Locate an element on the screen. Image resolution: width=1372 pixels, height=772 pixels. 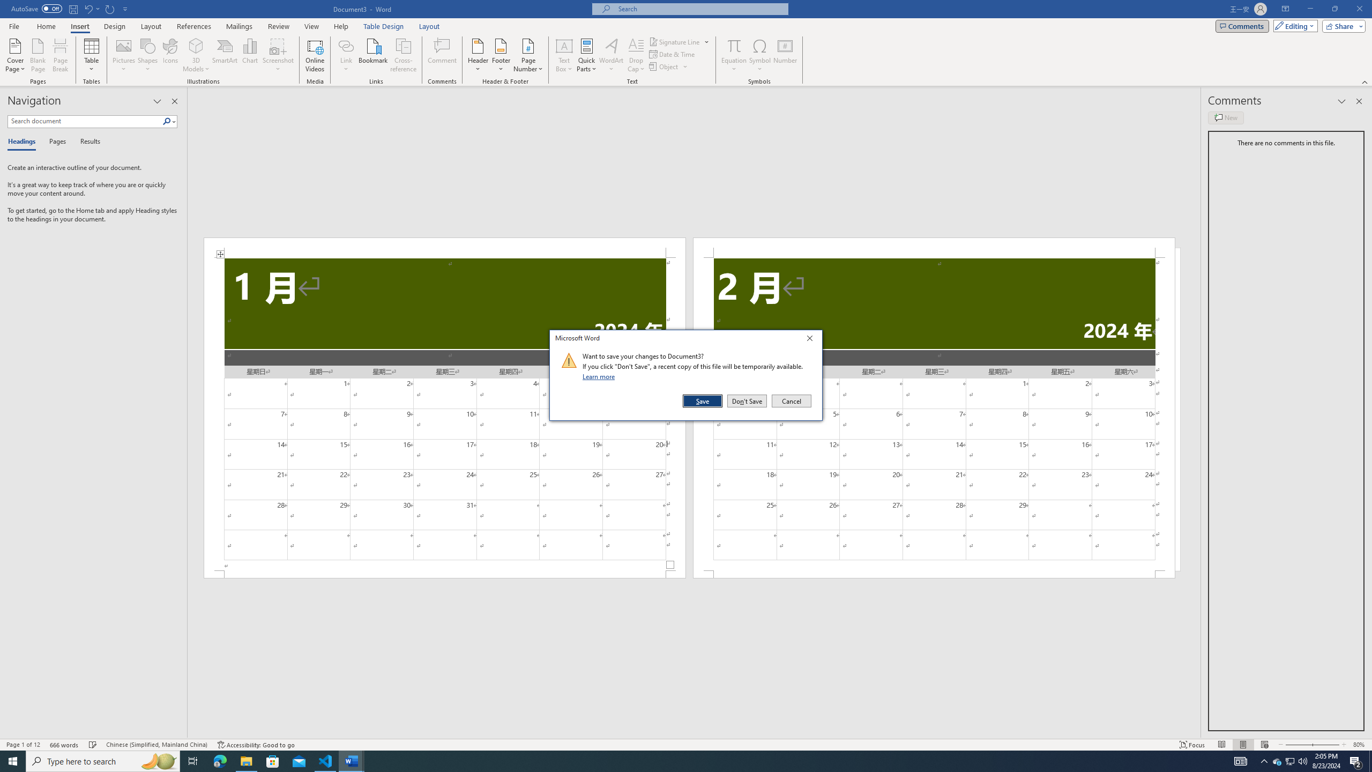
'Signature Line' is located at coordinates (679, 41).